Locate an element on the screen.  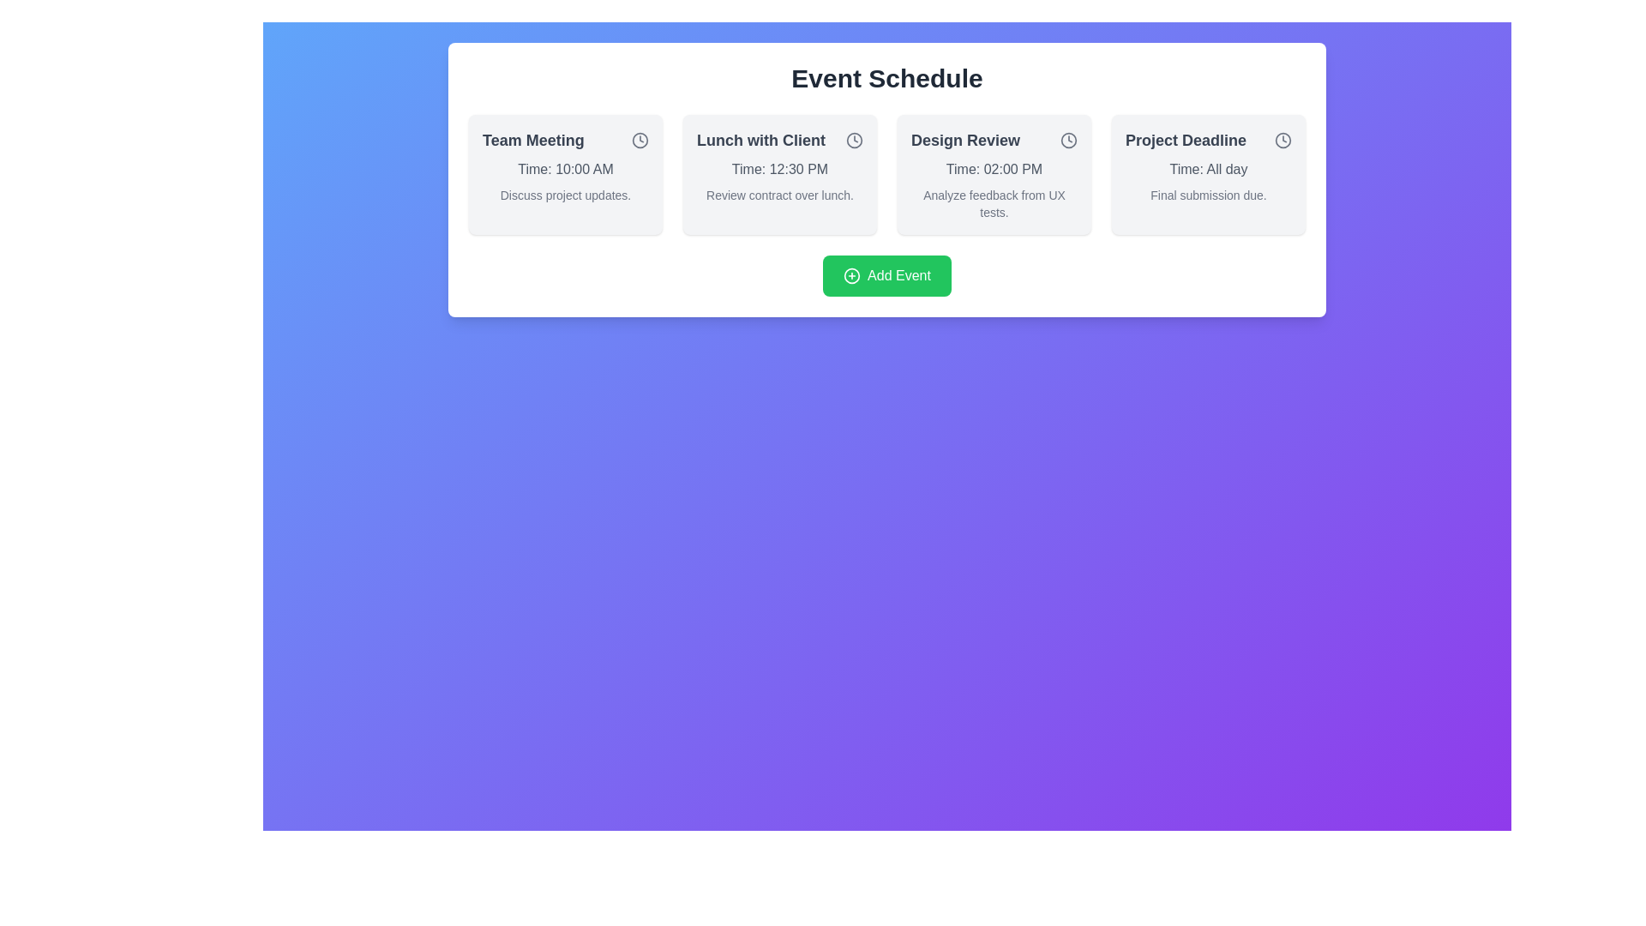
the static text label displaying 'Team Meeting' is located at coordinates (532, 140).